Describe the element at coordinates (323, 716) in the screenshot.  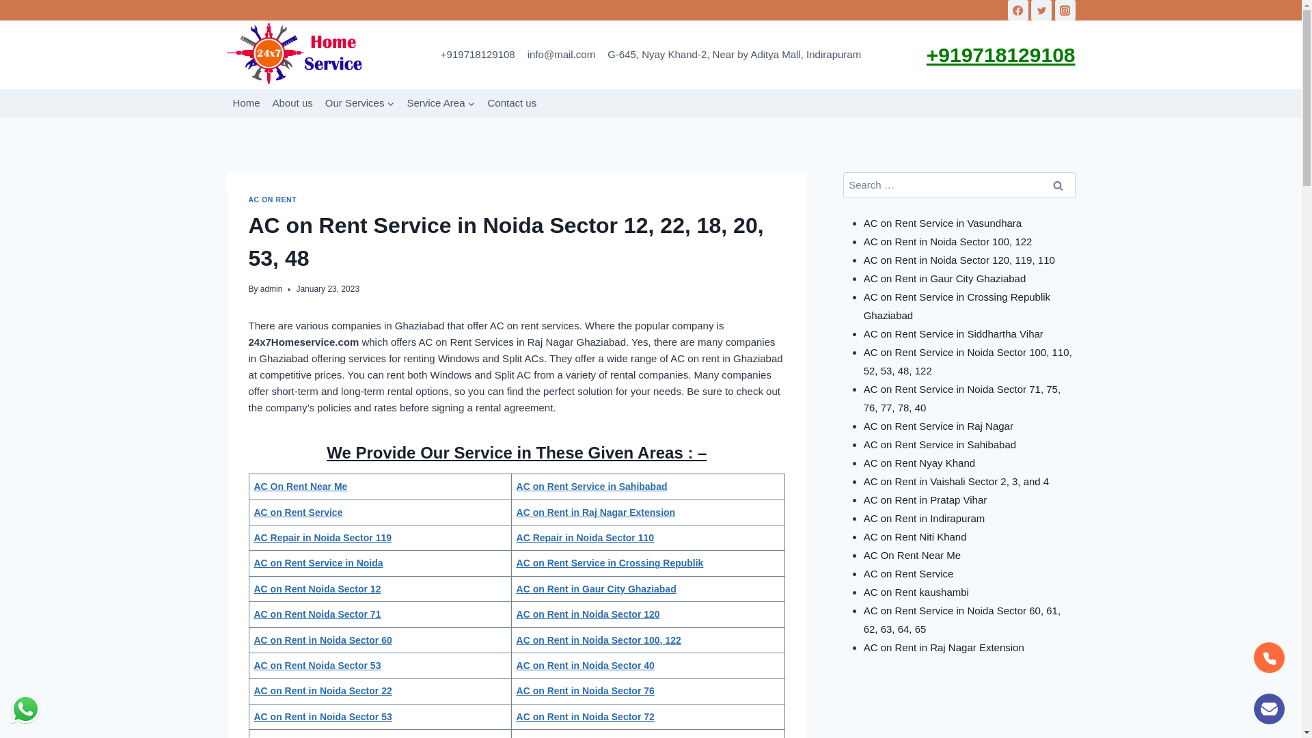
I see `'AC on Rent in Noida Sector 53'` at that location.